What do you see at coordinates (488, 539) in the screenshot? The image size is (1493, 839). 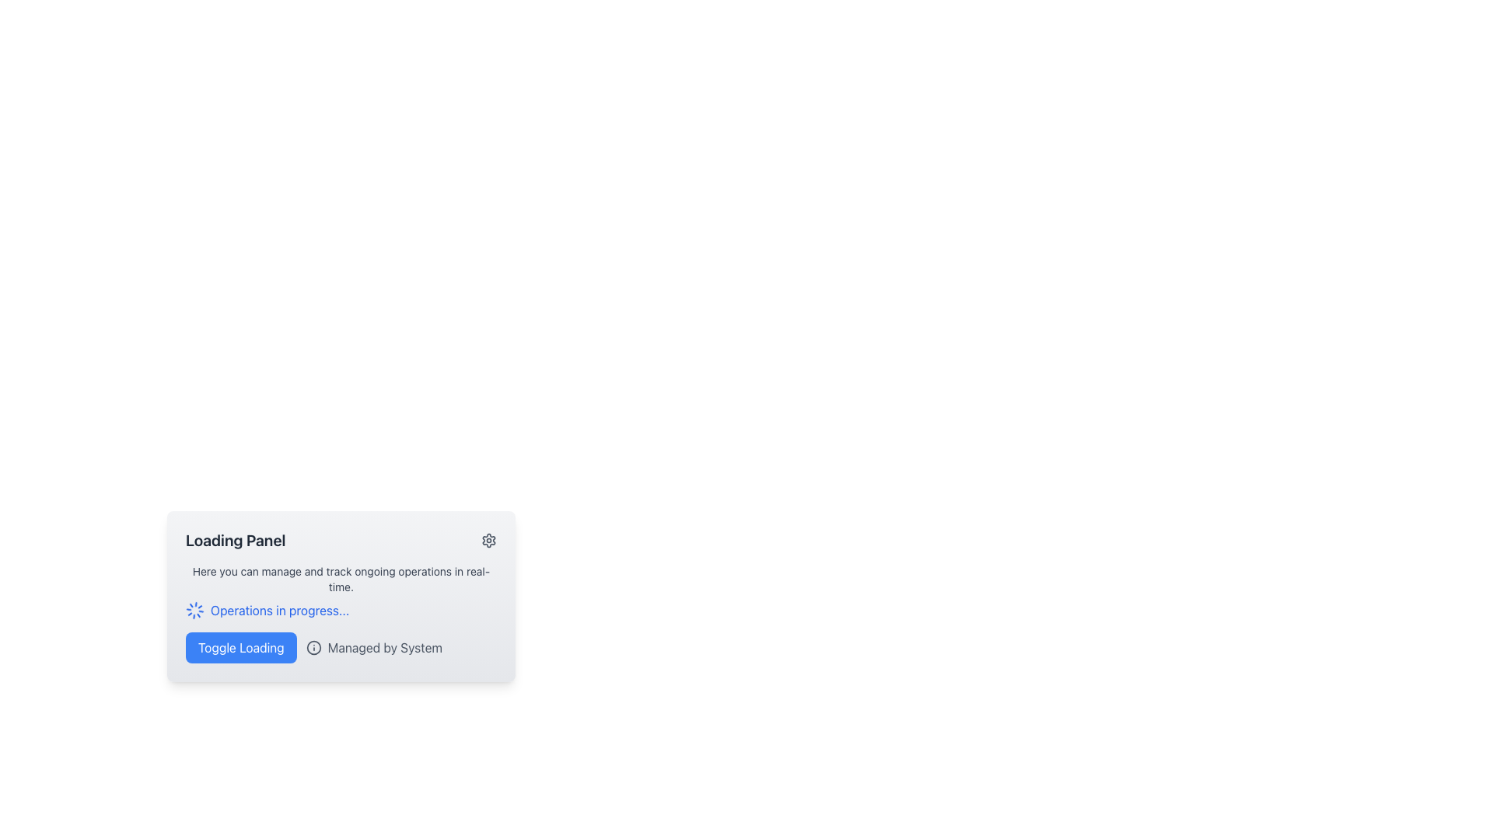 I see `the circular gear icon button located on the right side of the header area within the 'Loading Panel' section` at bounding box center [488, 539].